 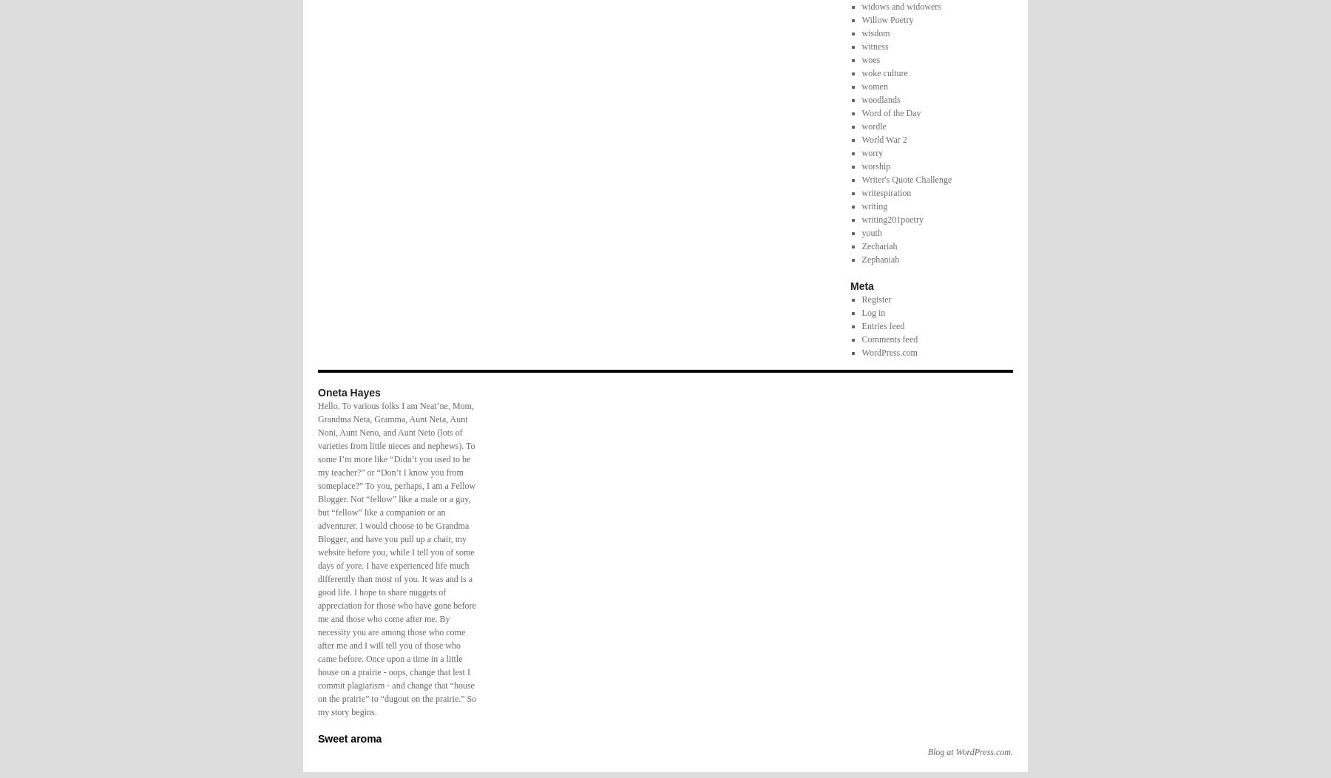 I want to click on 'Word of the Day', so click(x=890, y=112).